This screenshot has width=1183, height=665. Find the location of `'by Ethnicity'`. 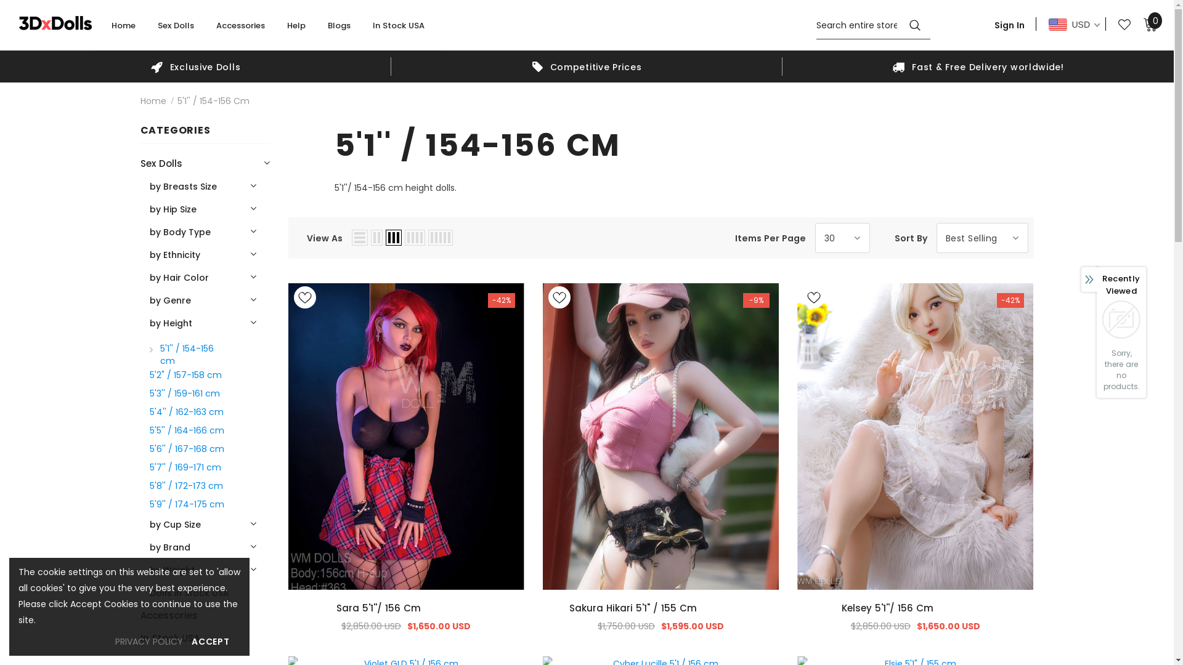

'by Ethnicity' is located at coordinates (174, 254).